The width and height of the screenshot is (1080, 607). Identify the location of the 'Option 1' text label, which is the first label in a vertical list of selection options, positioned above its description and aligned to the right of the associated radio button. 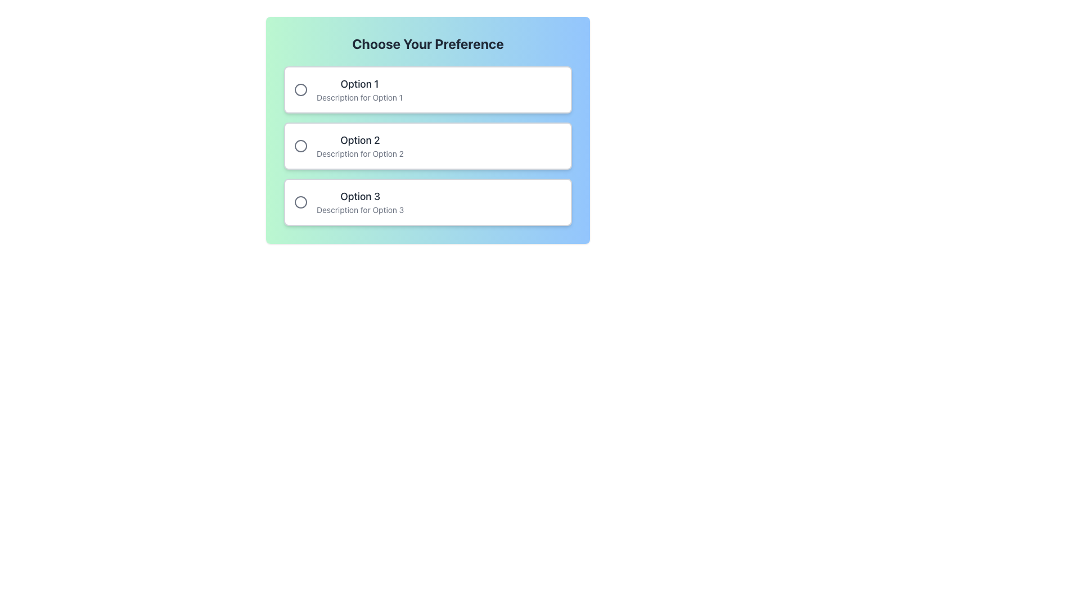
(359, 84).